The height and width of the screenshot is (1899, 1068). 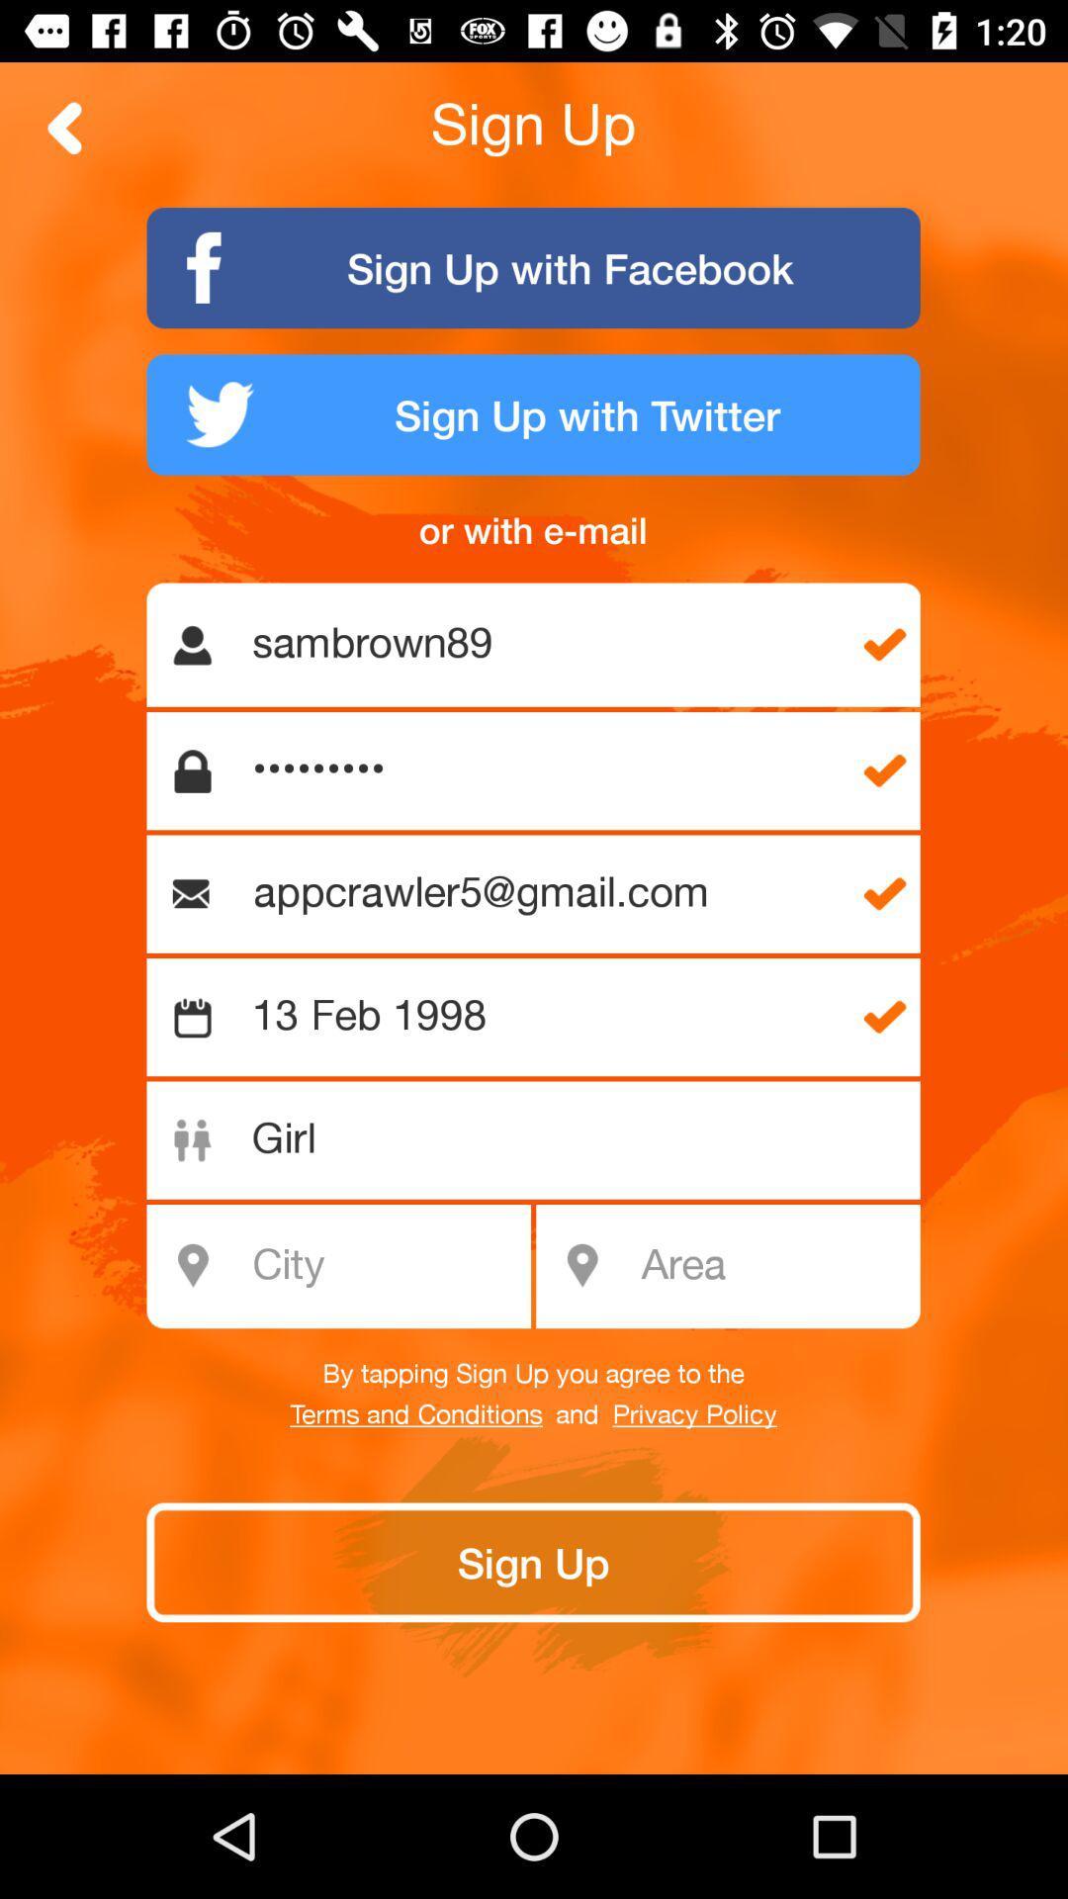 What do you see at coordinates (773, 1266) in the screenshot?
I see `the item above by tapping sign` at bounding box center [773, 1266].